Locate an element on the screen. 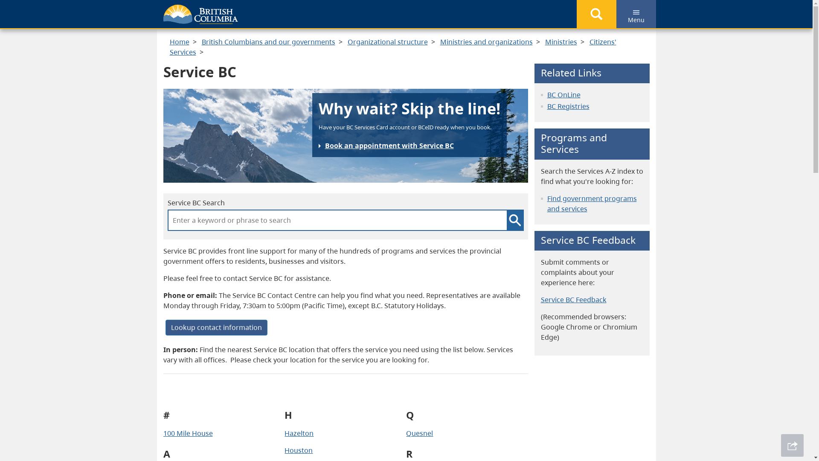 Image resolution: width=819 pixels, height=461 pixels. '100 Mile House' is located at coordinates (187, 433).